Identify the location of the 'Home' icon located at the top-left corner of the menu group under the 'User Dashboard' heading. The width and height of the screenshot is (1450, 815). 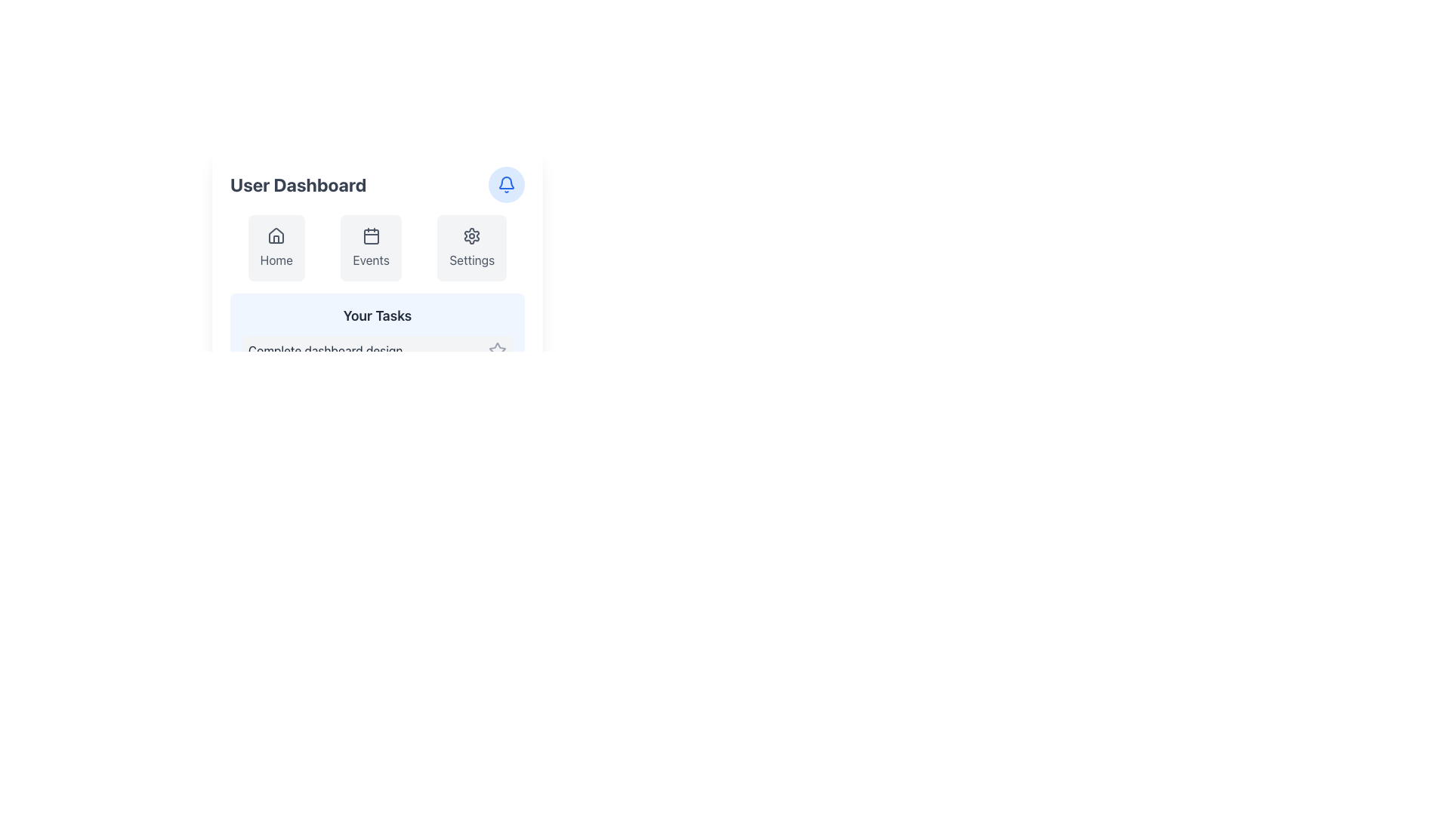
(276, 235).